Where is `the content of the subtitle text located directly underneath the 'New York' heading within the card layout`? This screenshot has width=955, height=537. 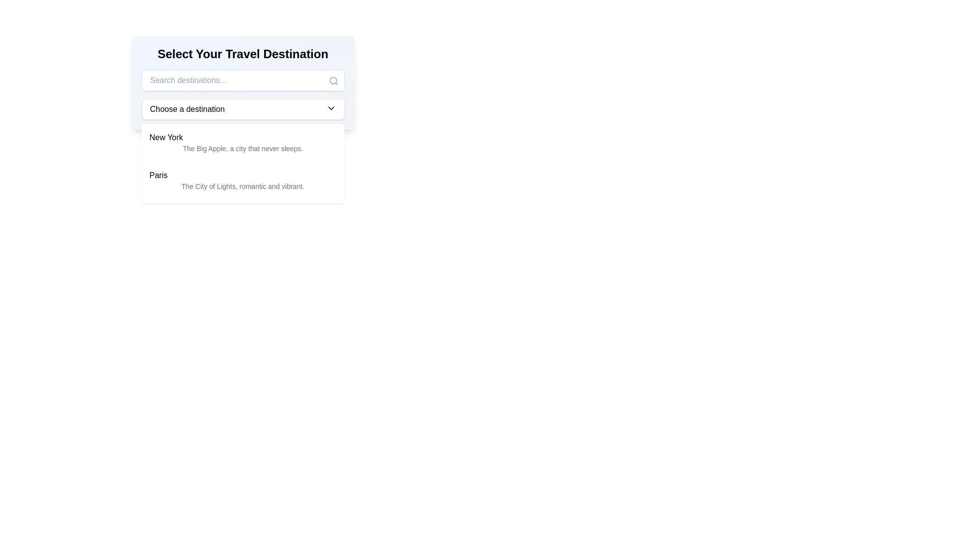
the content of the subtitle text located directly underneath the 'New York' heading within the card layout is located at coordinates (243, 149).